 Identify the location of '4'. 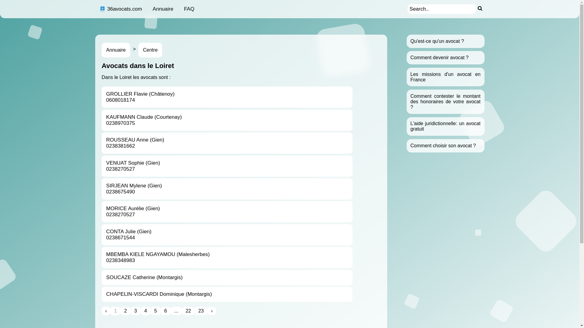
(145, 311).